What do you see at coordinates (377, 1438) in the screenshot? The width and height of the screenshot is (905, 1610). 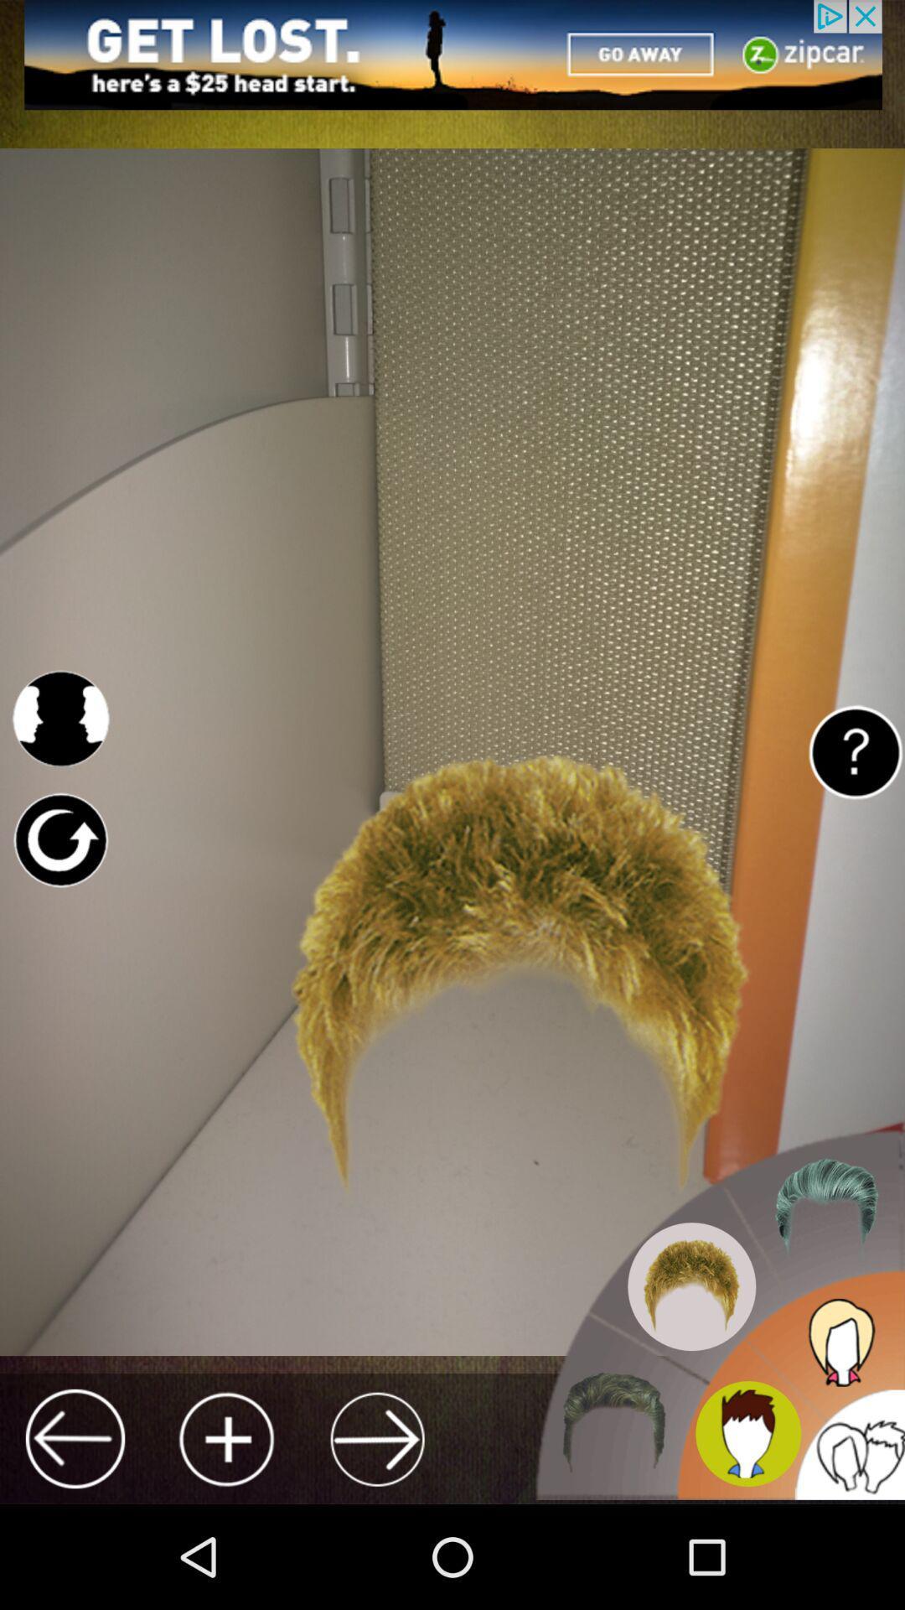 I see `next the option` at bounding box center [377, 1438].